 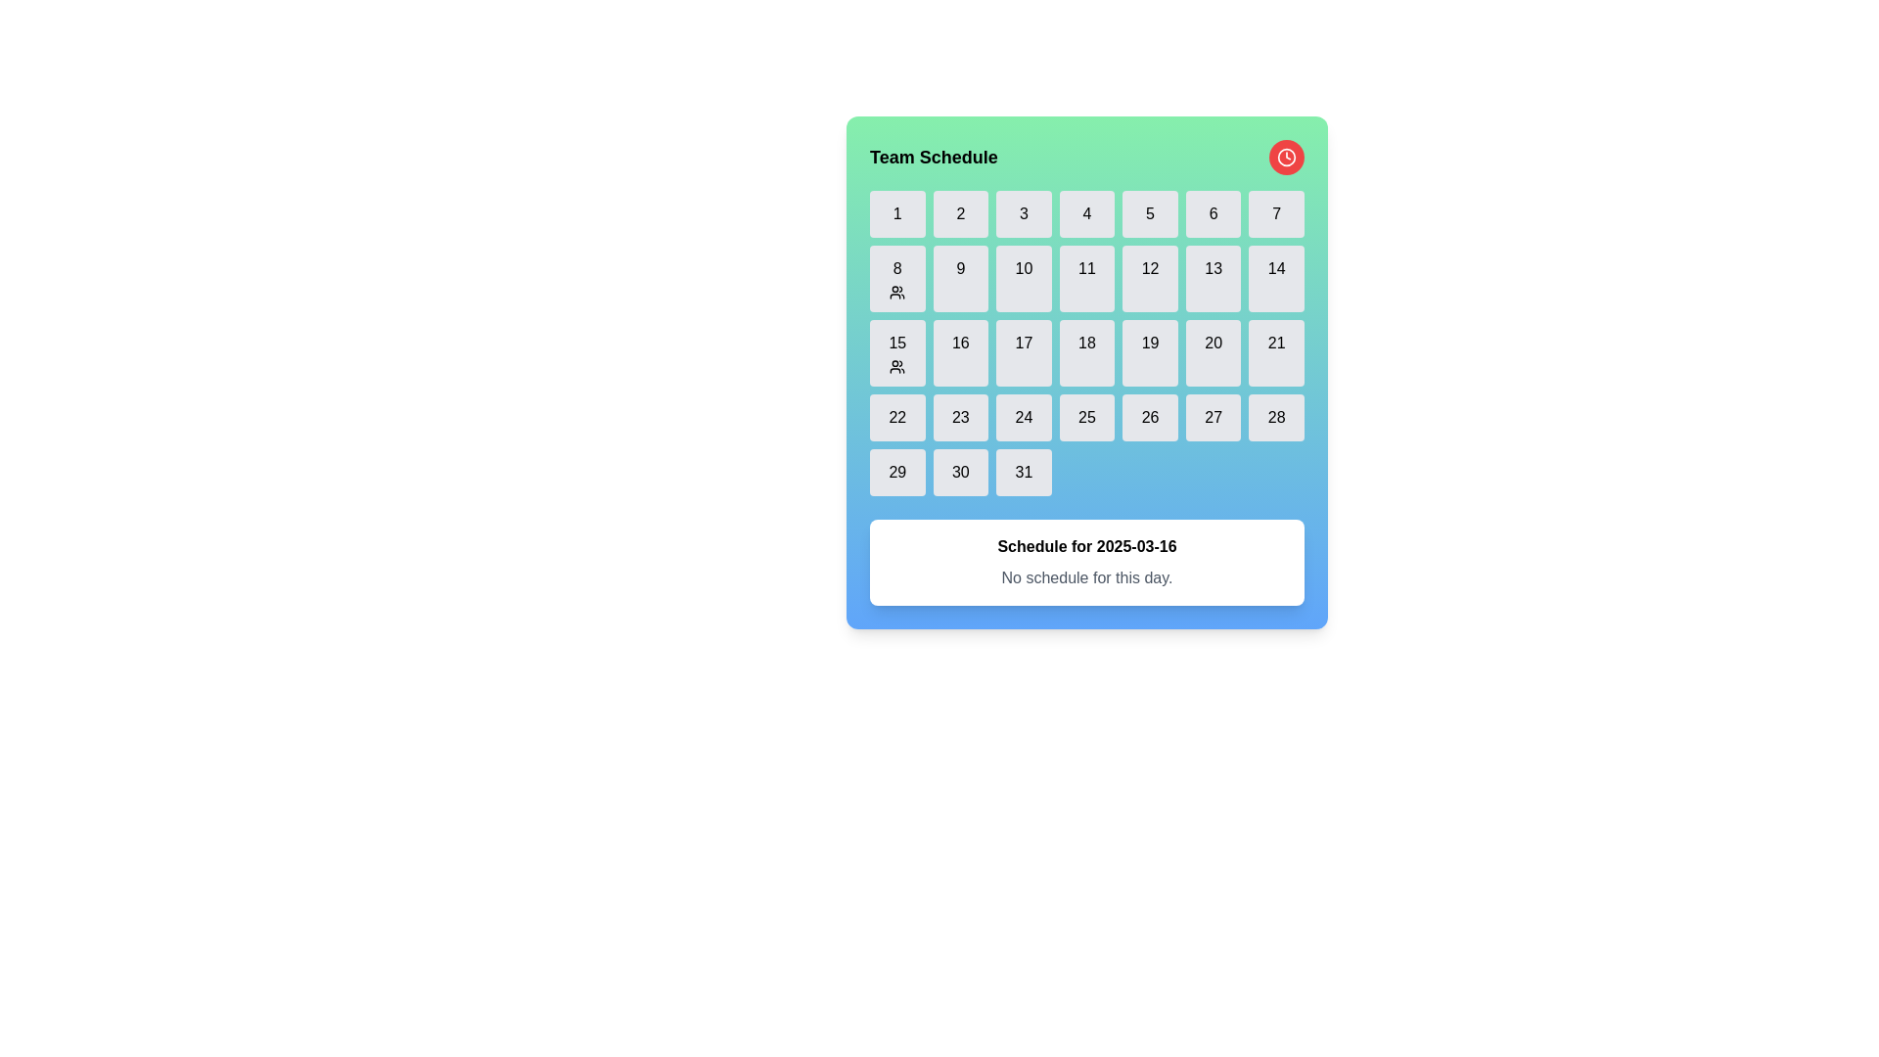 What do you see at coordinates (1085, 373) in the screenshot?
I see `the selectable grid cell representing the day '18' in the calendar layout, which is highlighted in the third row and fourth column of the 'Team Schedule' interface` at bounding box center [1085, 373].